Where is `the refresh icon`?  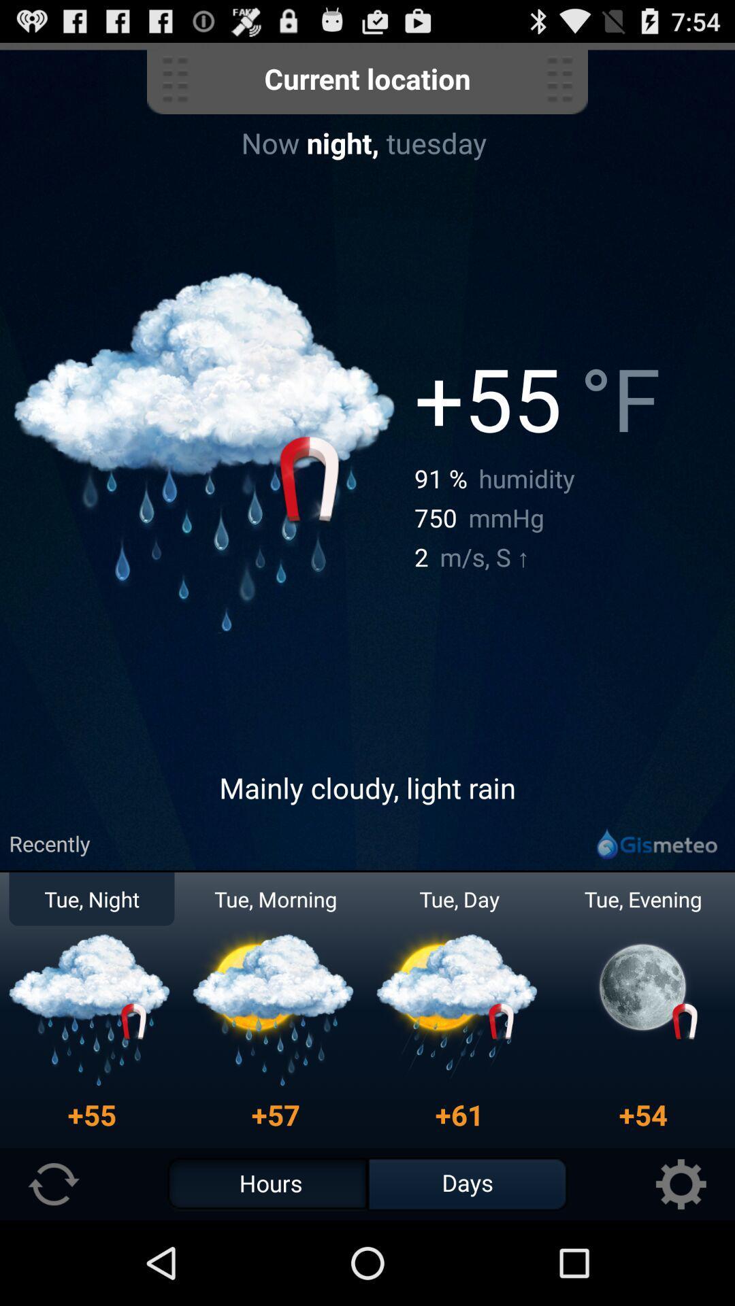 the refresh icon is located at coordinates (53, 1267).